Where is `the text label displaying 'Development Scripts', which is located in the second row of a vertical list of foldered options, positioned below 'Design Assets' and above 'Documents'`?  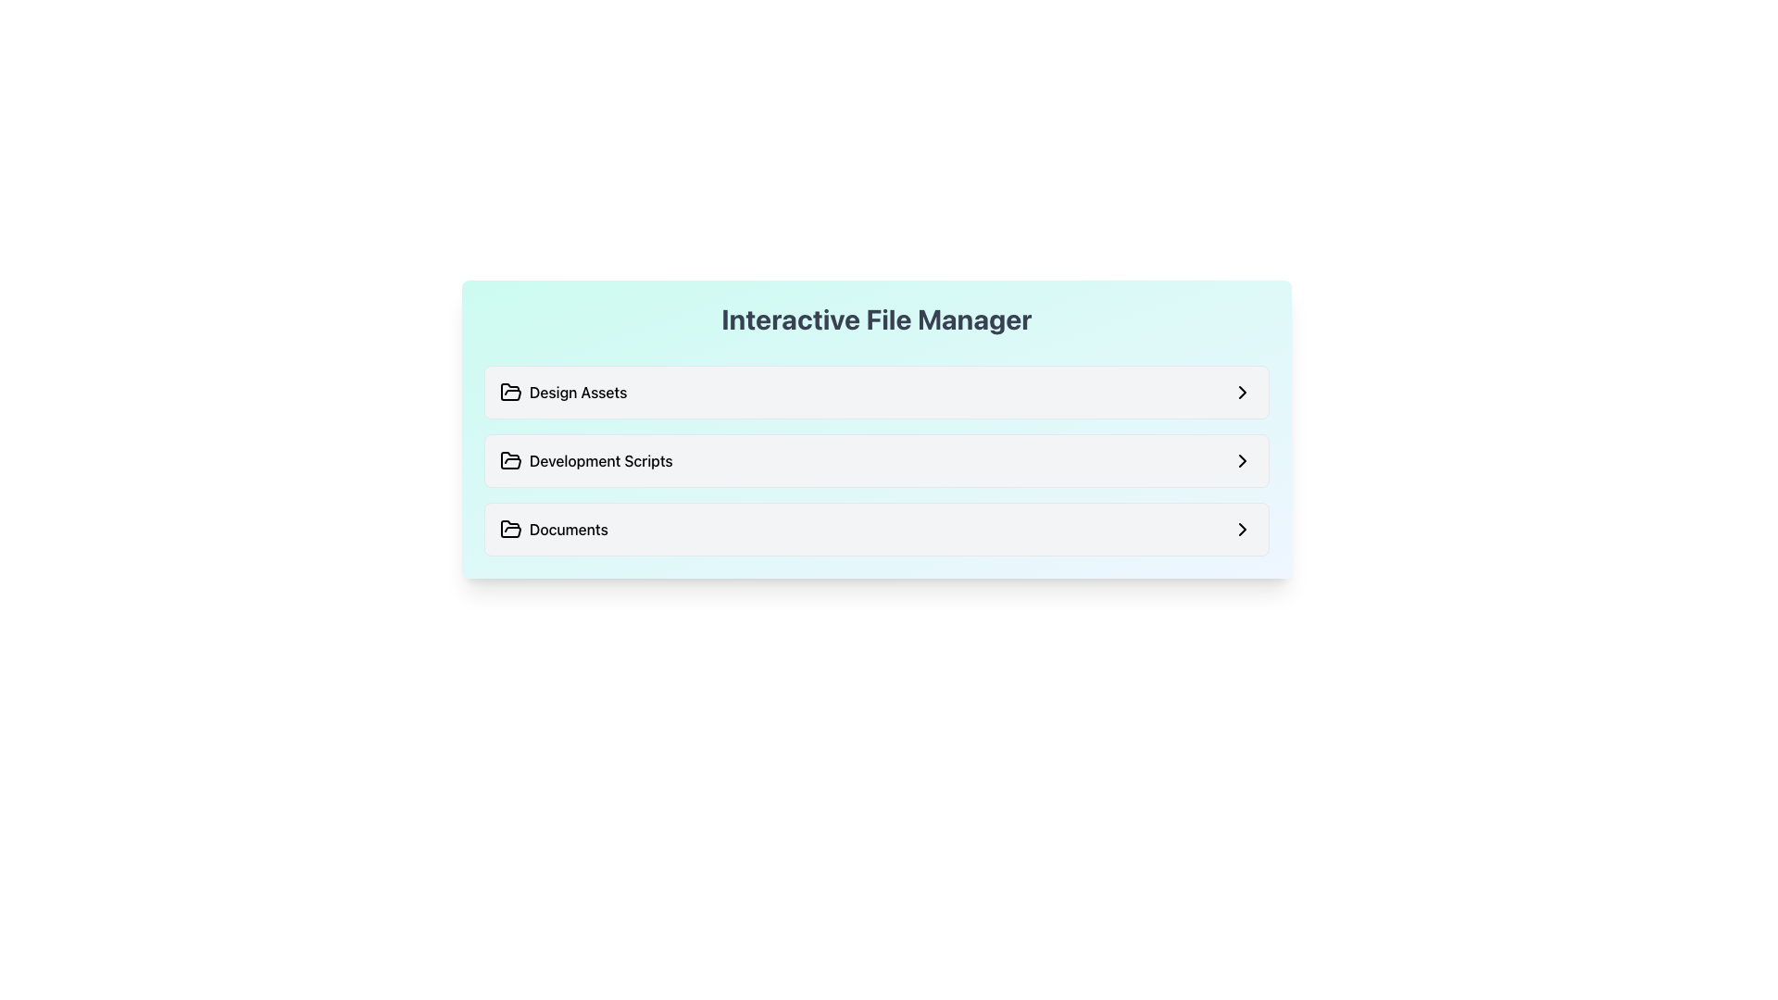
the text label displaying 'Development Scripts', which is located in the second row of a vertical list of foldered options, positioned below 'Design Assets' and above 'Documents' is located at coordinates (585, 459).